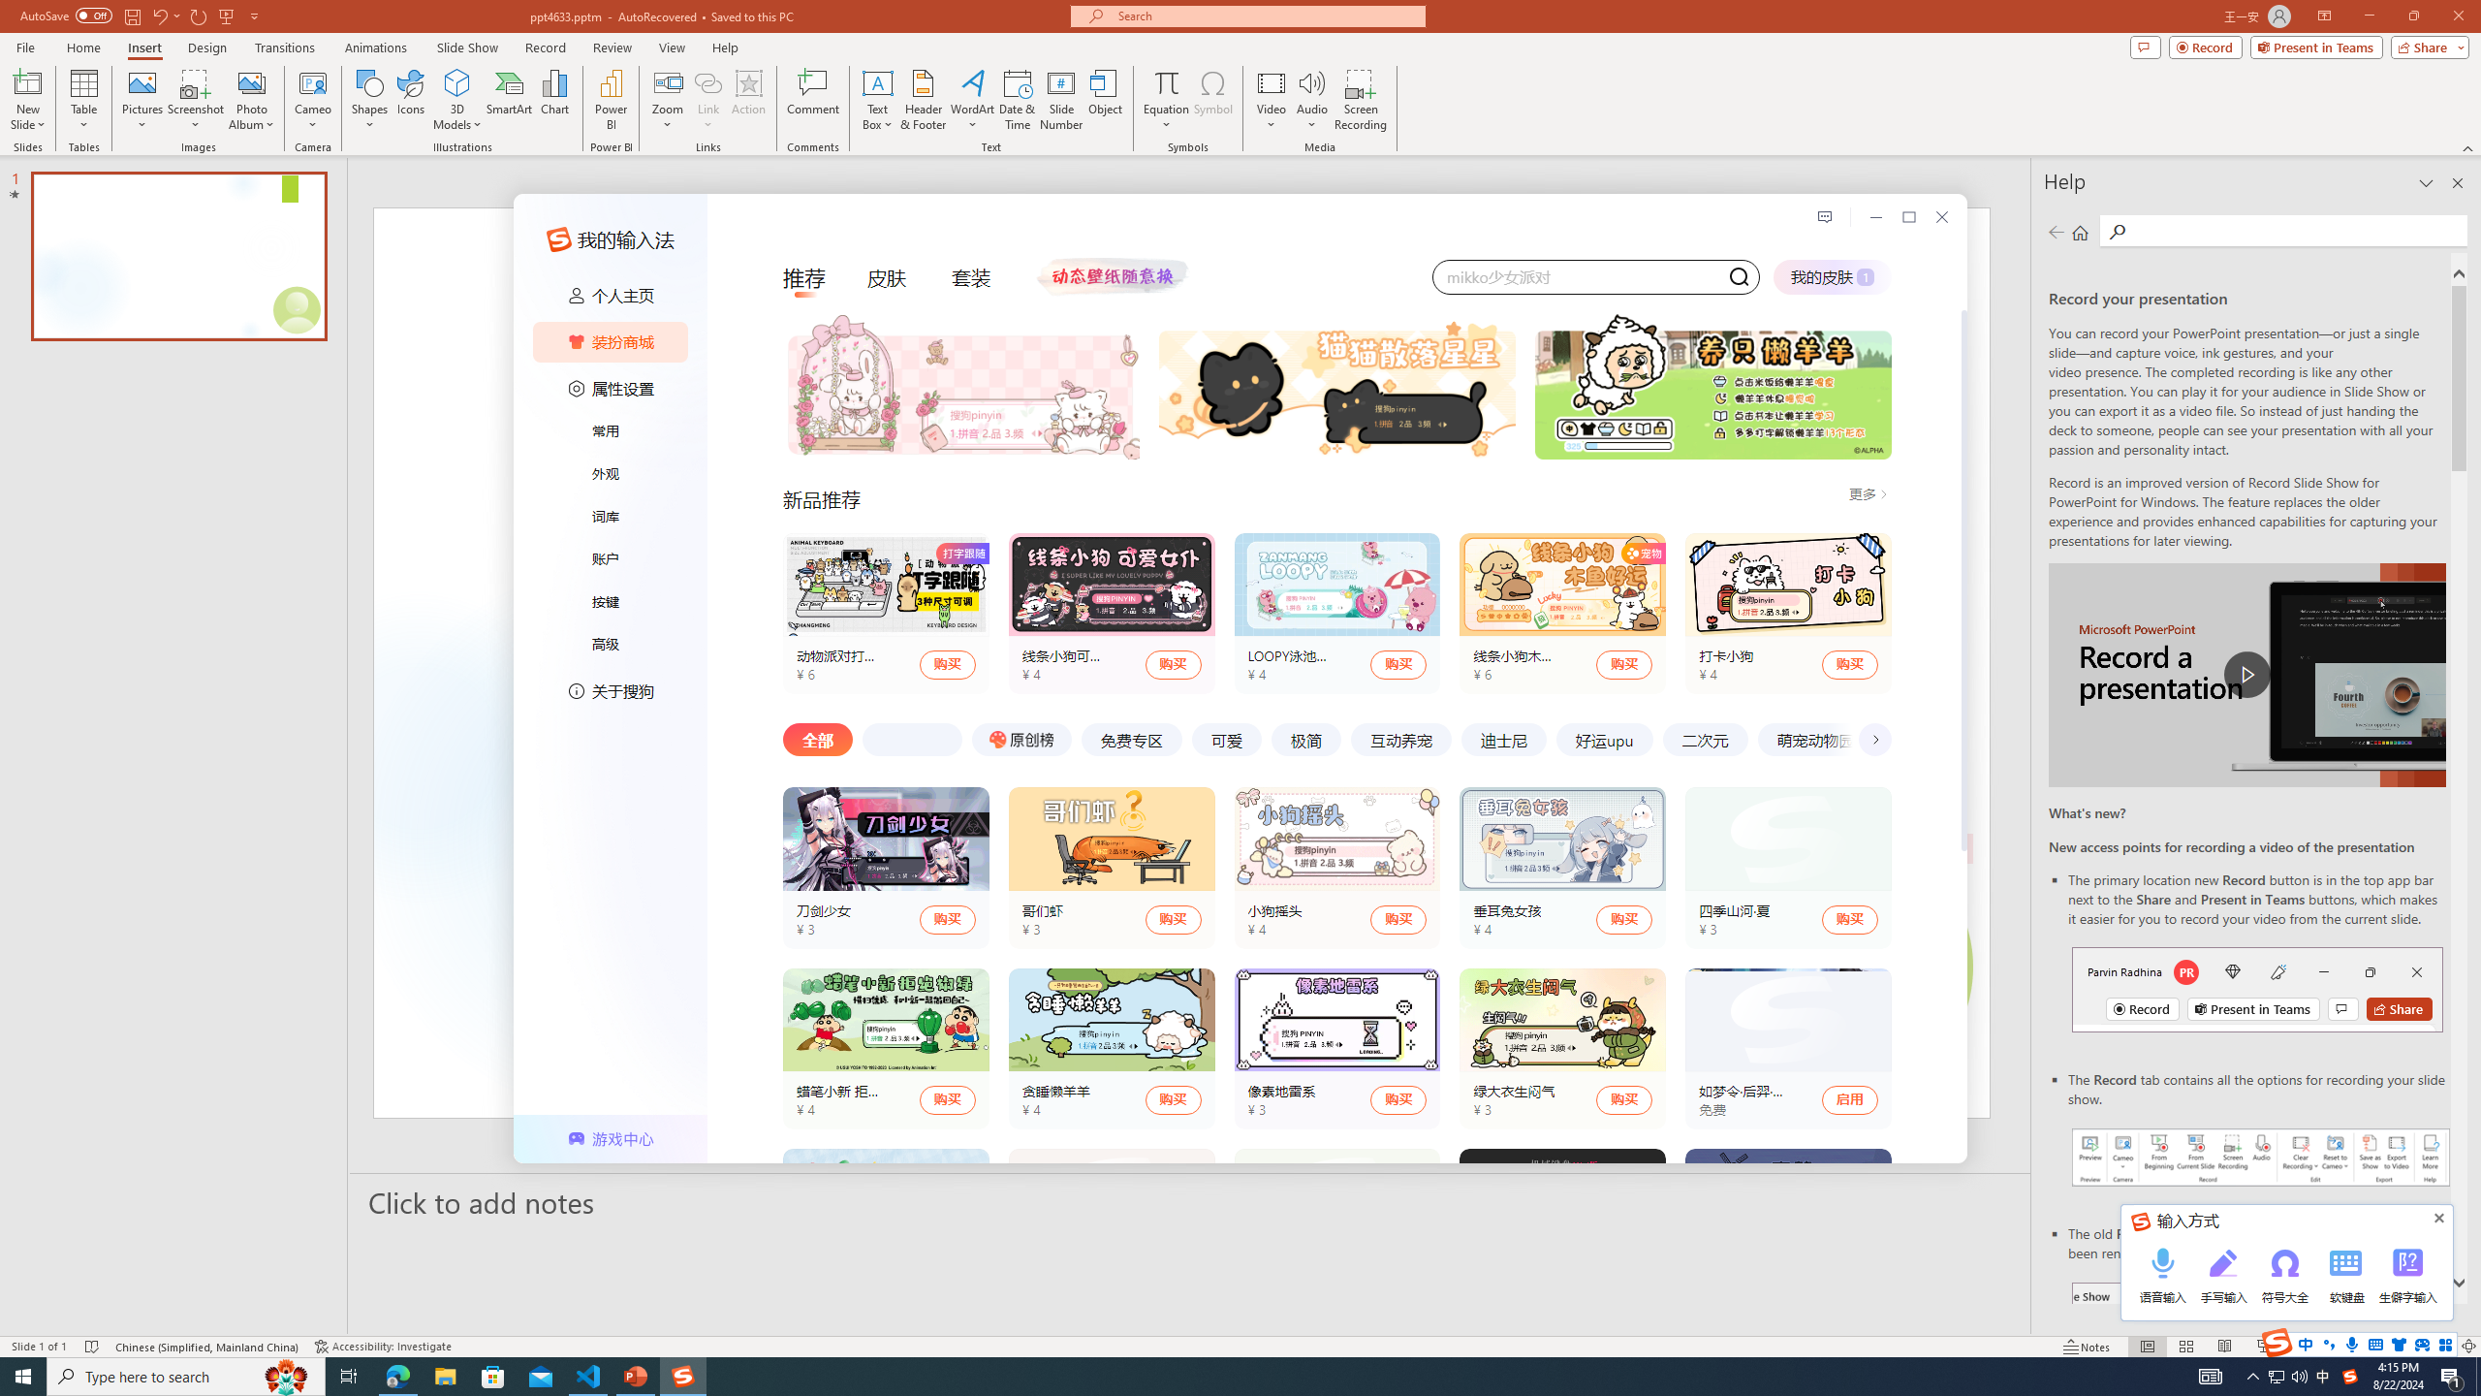 The image size is (2481, 1396). I want to click on 'Date & Time...', so click(1016, 100).